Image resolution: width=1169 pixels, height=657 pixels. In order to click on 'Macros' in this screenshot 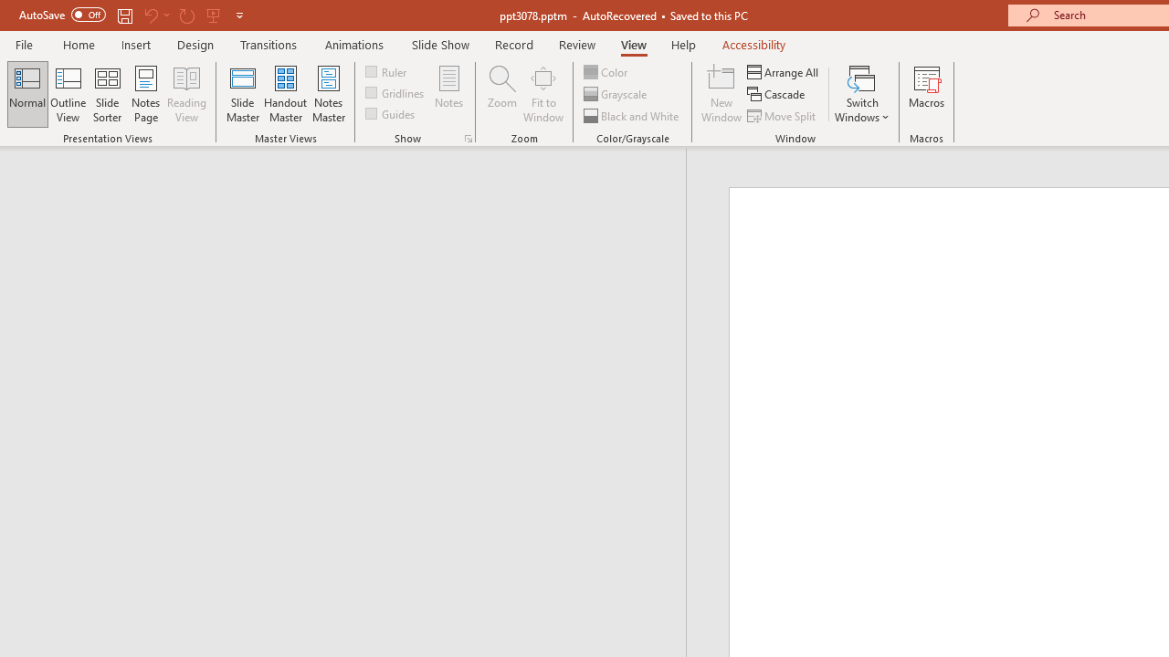, I will do `click(927, 94)`.